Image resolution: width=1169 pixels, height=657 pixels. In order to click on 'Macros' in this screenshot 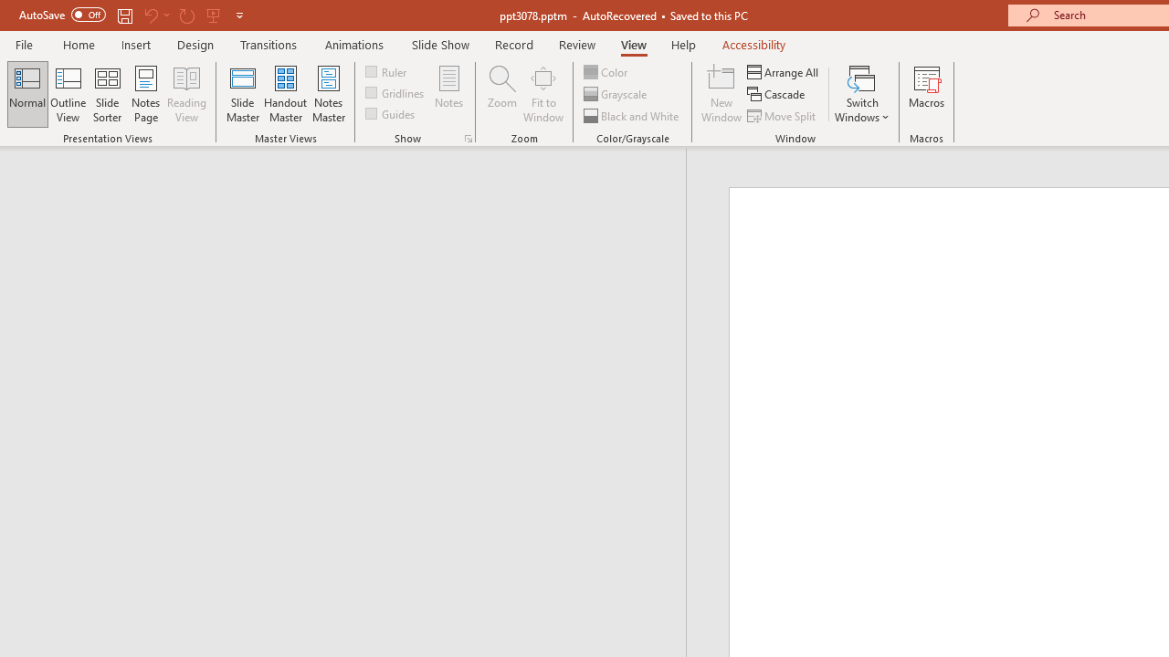, I will do `click(927, 94)`.